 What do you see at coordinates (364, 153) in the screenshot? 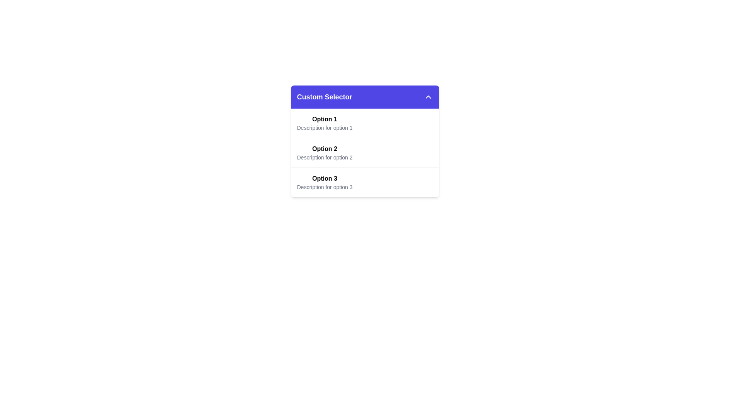
I see `the second selectable list item in the dropdown menu` at bounding box center [364, 153].